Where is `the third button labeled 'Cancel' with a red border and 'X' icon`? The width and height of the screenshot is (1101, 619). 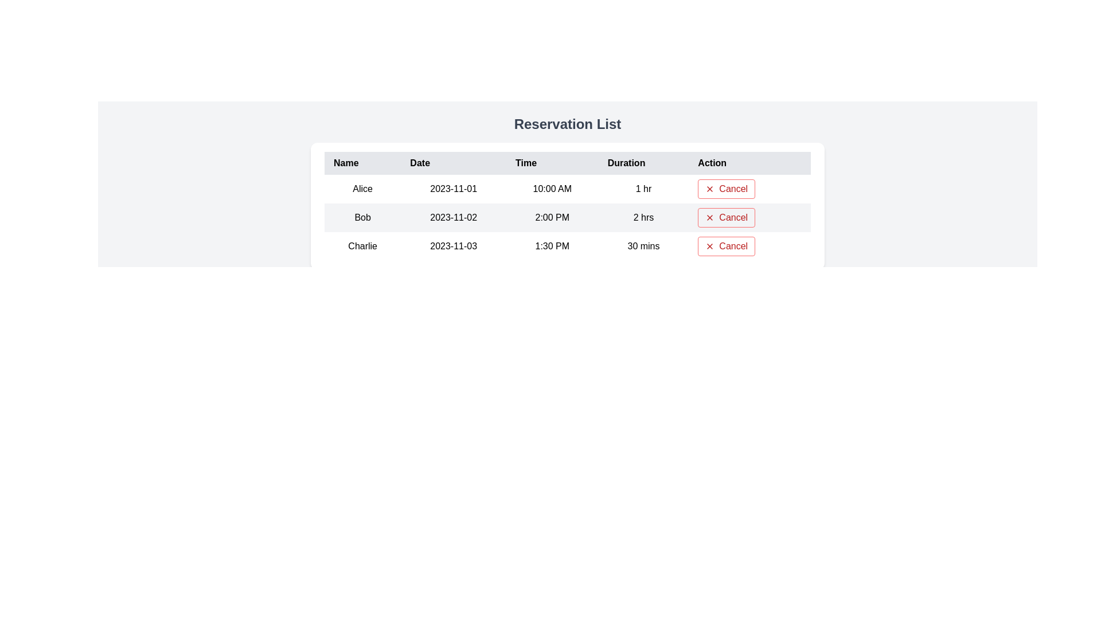
the third button labeled 'Cancel' with a red border and 'X' icon is located at coordinates (726, 245).